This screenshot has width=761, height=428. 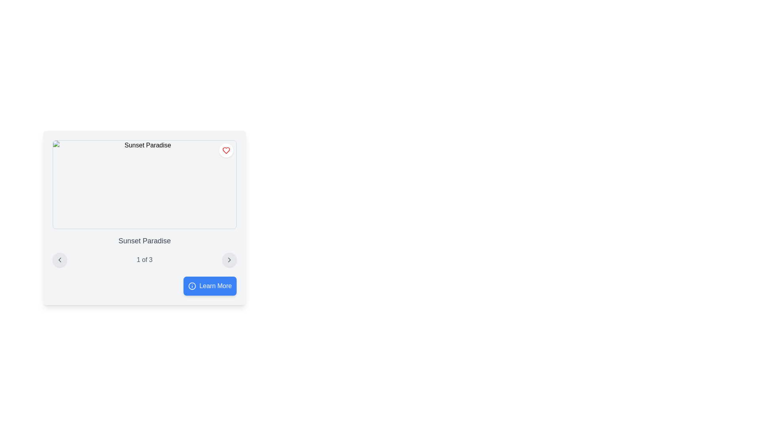 I want to click on the right-pointing chevron icon within the gray circular button located at the bottom-right corner of the card labeled 'Sunset Paradise', so click(x=229, y=260).